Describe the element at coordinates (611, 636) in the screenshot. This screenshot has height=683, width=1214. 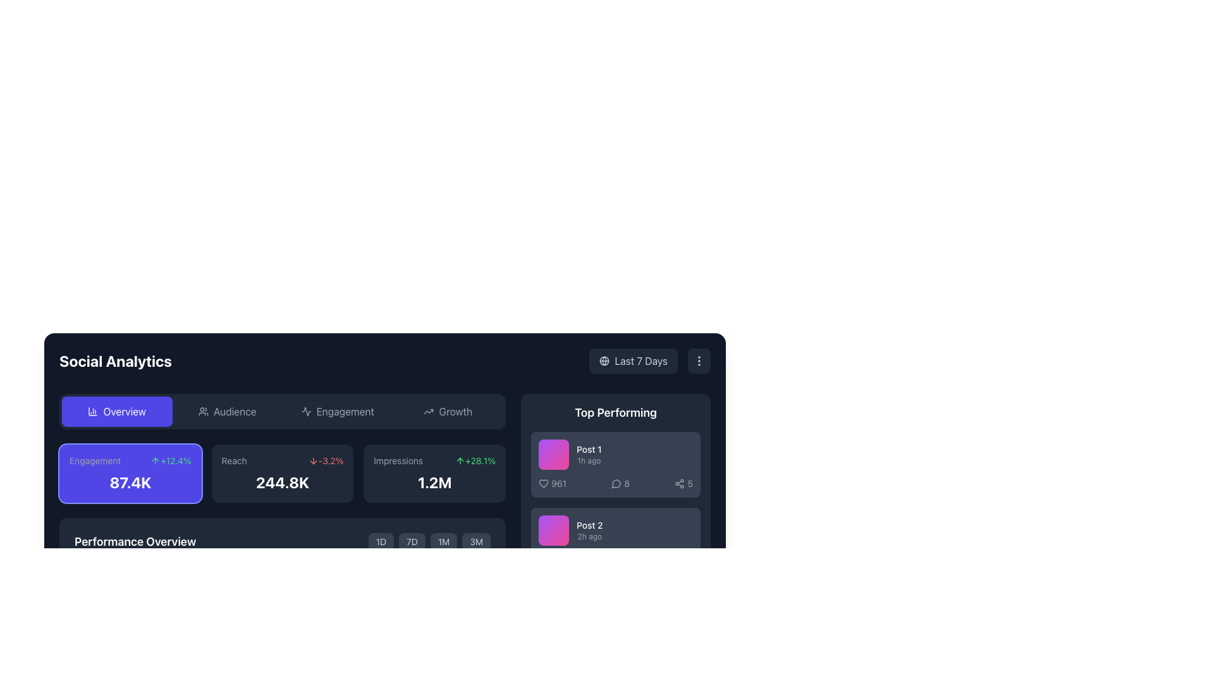
I see `the comment count icon, represented by a speech bubble, located to the left of the numeric value '98' beneath the 'Top Performing' section for 'Post 1'` at that location.